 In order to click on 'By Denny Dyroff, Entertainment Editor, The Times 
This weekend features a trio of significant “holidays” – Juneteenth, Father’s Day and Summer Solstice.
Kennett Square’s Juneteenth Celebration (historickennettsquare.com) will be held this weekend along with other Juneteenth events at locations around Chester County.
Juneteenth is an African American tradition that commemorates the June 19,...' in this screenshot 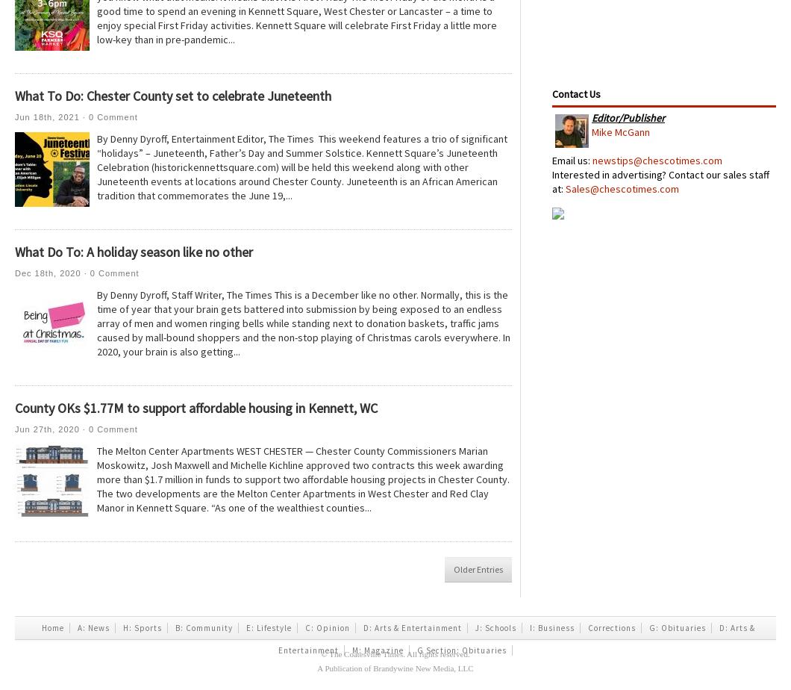, I will do `click(96, 167)`.